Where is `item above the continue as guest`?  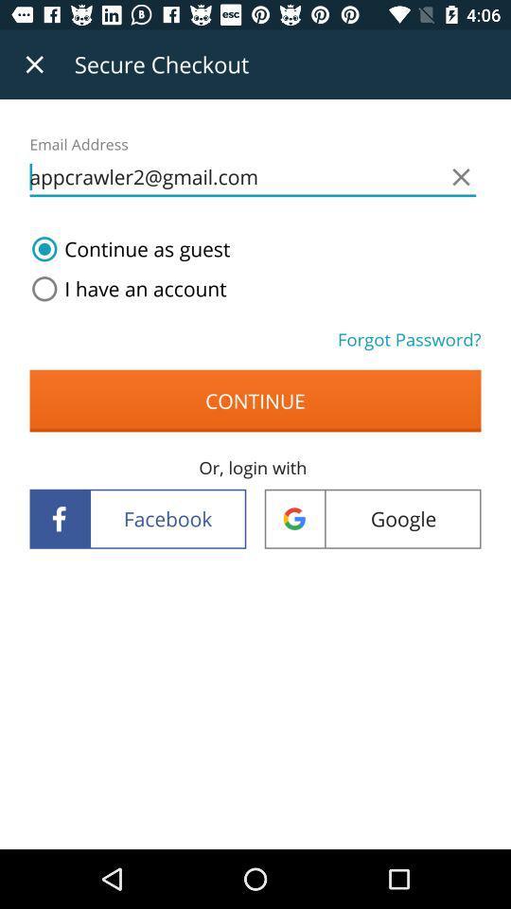
item above the continue as guest is located at coordinates (253, 177).